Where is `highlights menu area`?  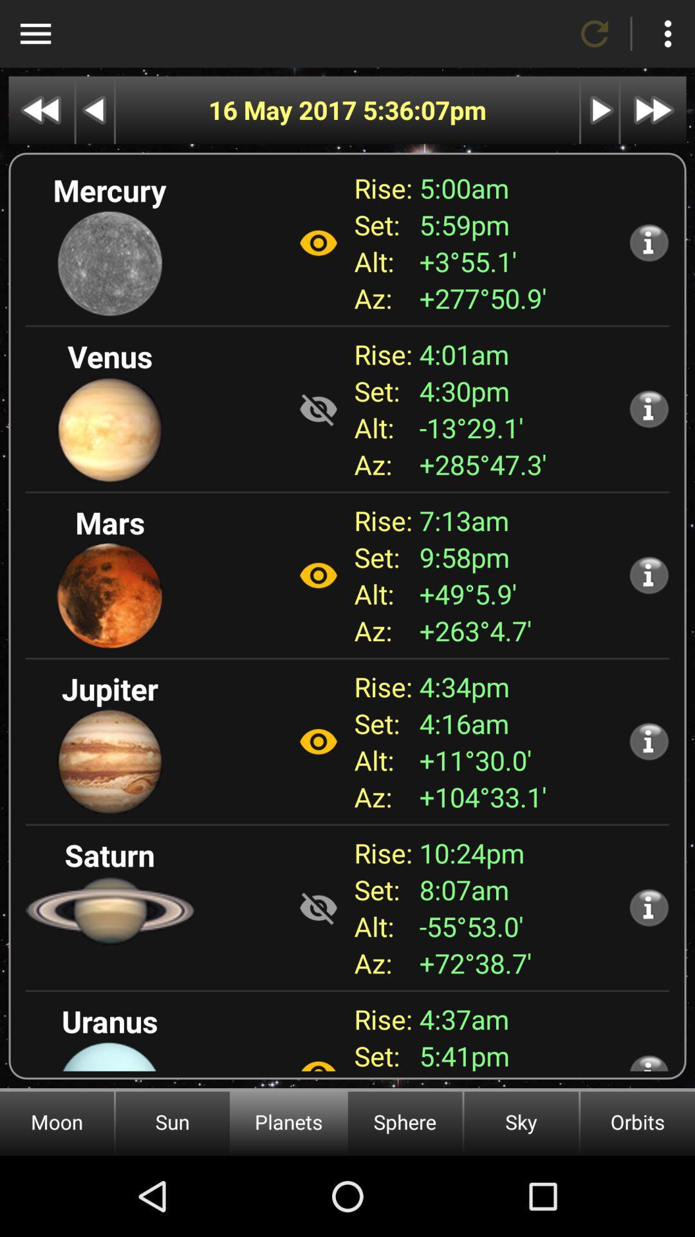
highlights menu area is located at coordinates (35, 34).